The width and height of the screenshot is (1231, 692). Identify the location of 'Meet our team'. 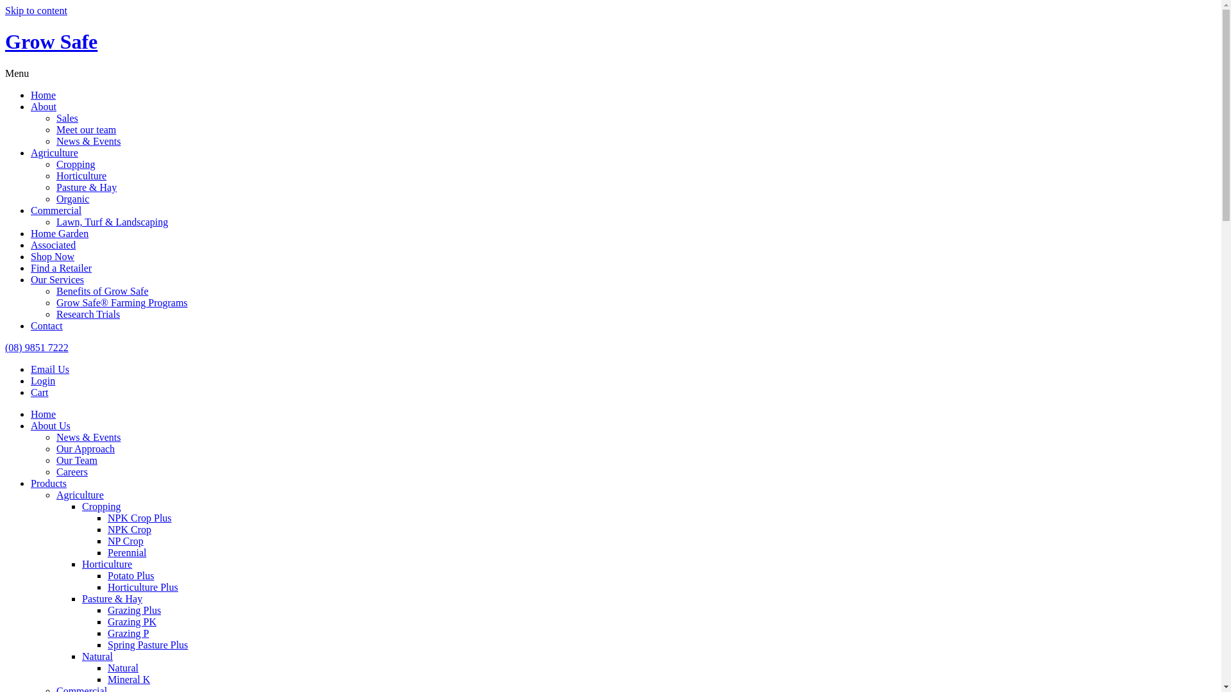
(85, 129).